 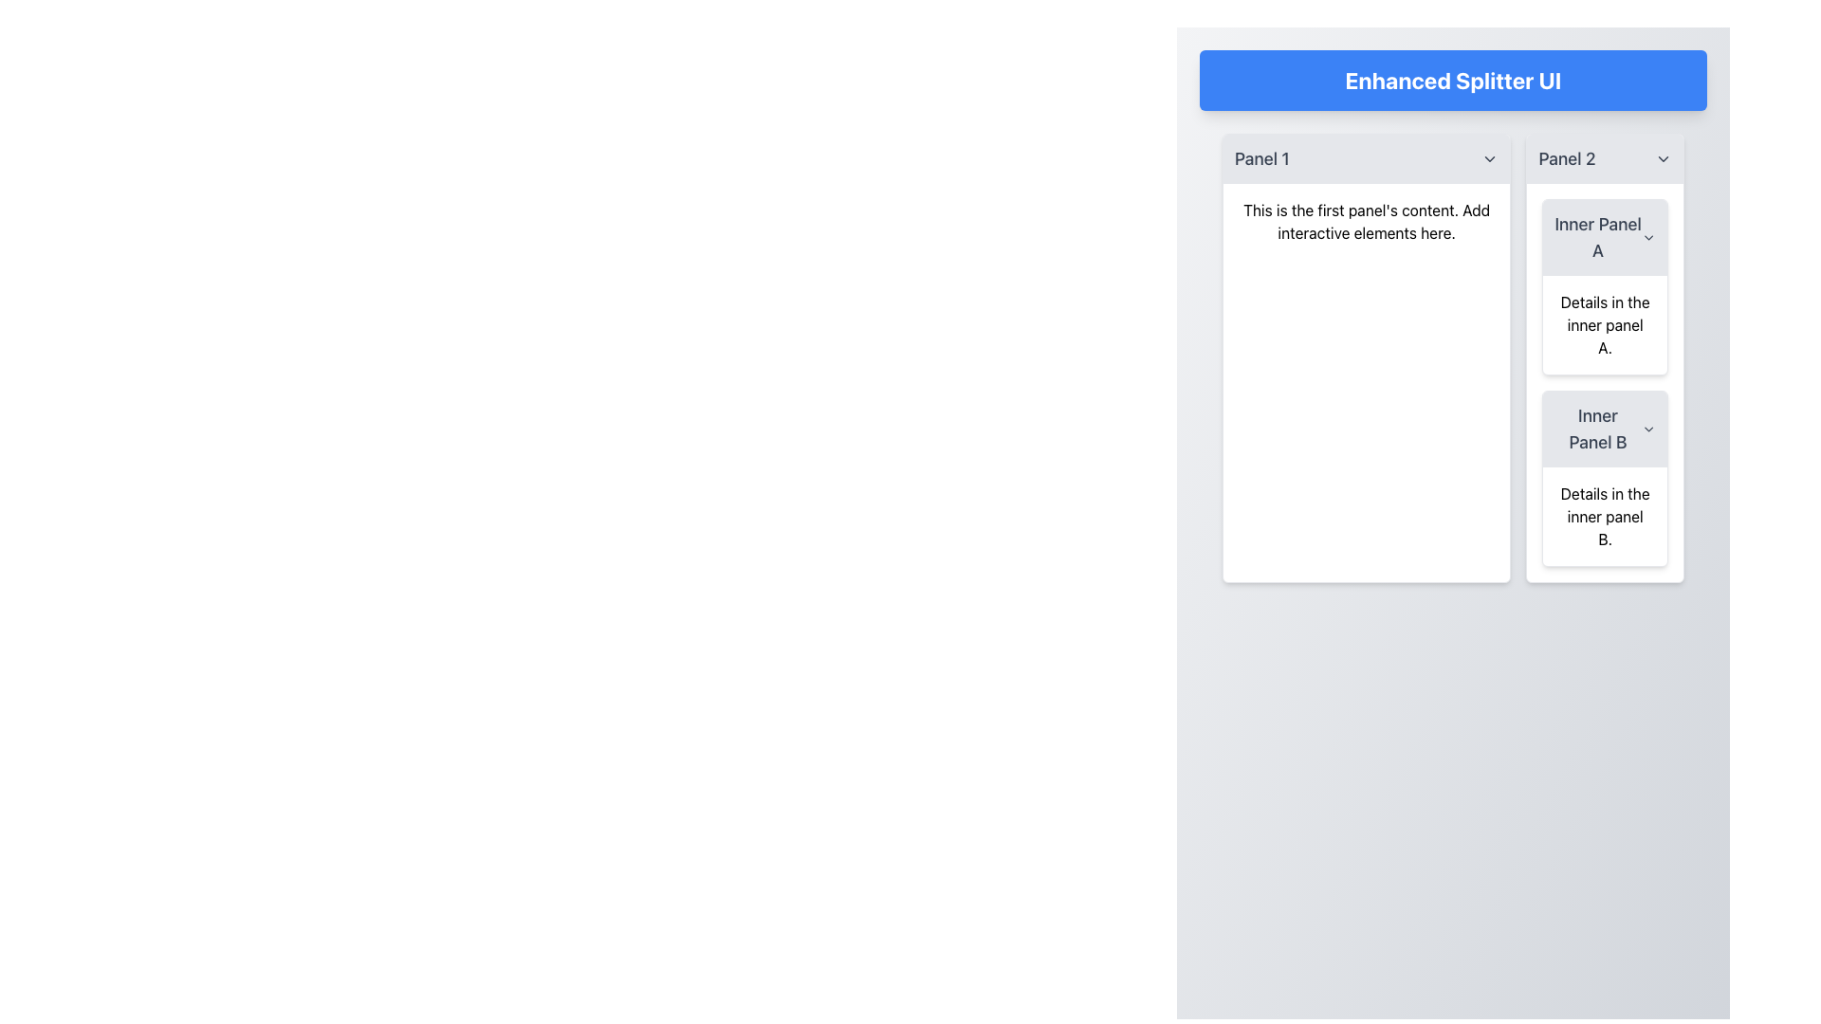 I want to click on the downward-pointing chevron icon with a gray stroke on the right edge of 'Panel 1', so click(x=1489, y=158).